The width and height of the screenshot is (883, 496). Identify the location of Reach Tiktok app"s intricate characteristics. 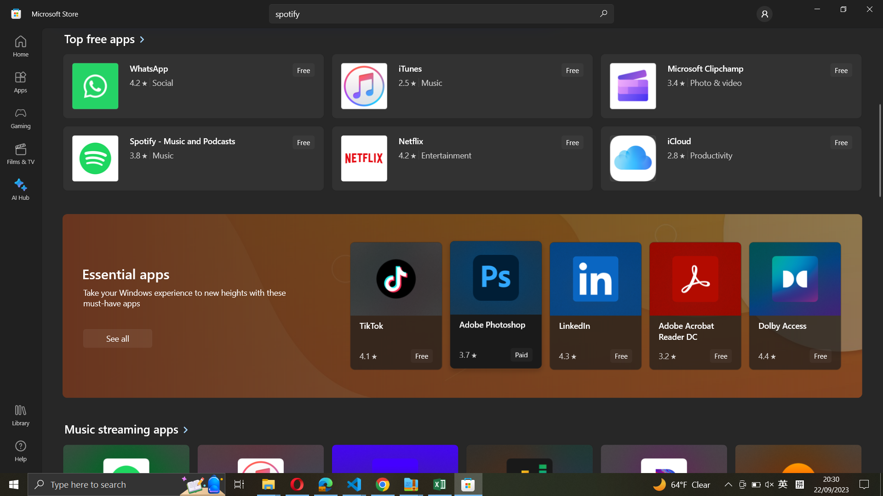
(396, 306).